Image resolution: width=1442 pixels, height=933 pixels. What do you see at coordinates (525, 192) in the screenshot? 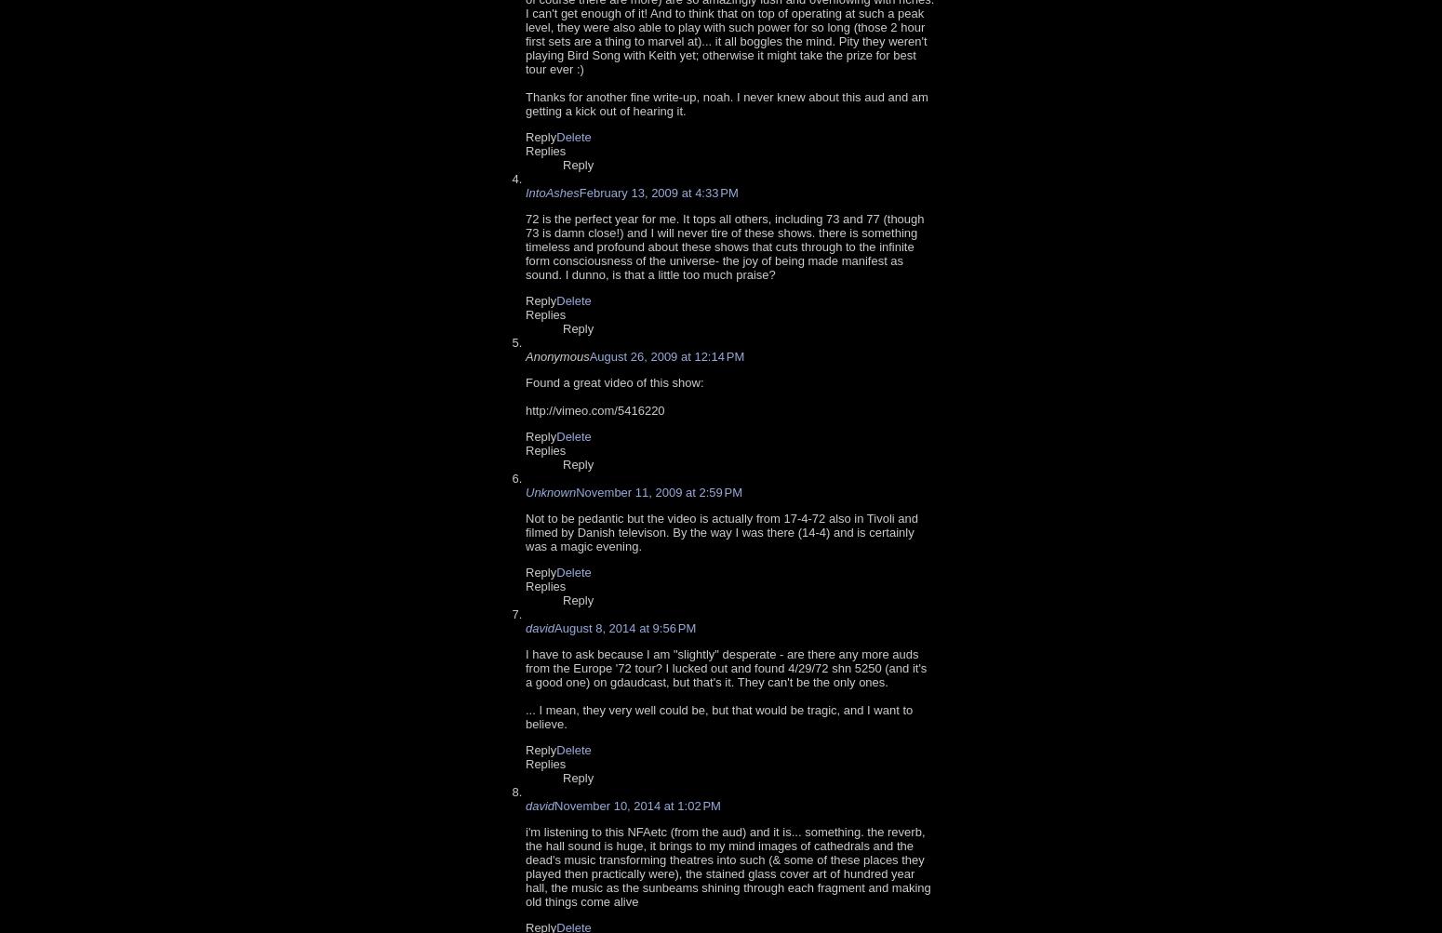
I see `'IntoAshes'` at bounding box center [525, 192].